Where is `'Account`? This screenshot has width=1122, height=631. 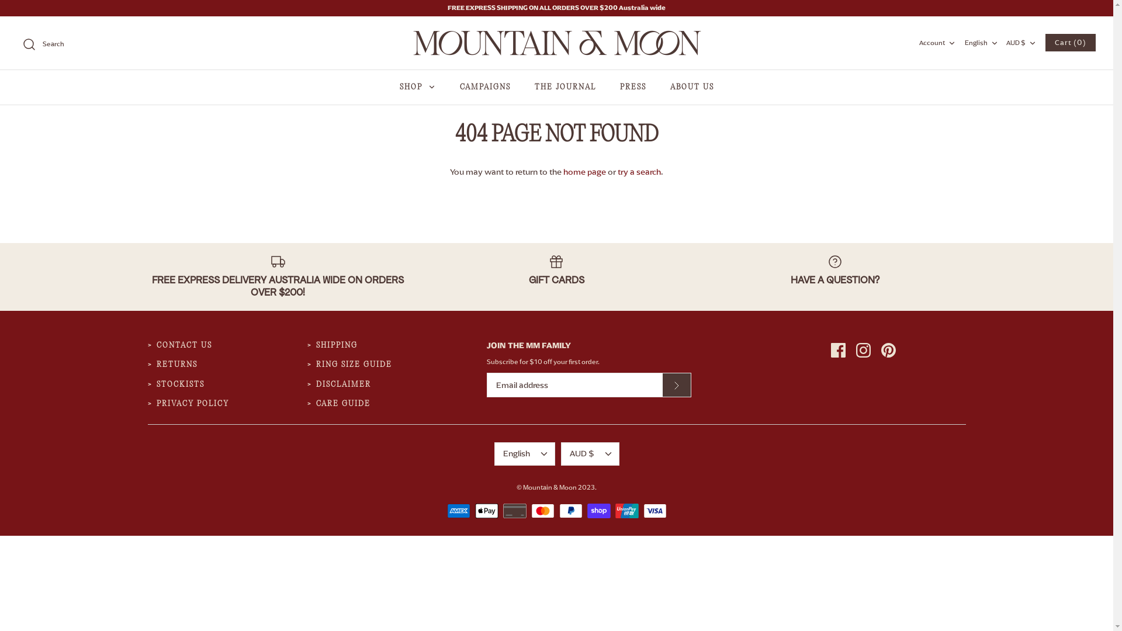 'Account is located at coordinates (939, 42).